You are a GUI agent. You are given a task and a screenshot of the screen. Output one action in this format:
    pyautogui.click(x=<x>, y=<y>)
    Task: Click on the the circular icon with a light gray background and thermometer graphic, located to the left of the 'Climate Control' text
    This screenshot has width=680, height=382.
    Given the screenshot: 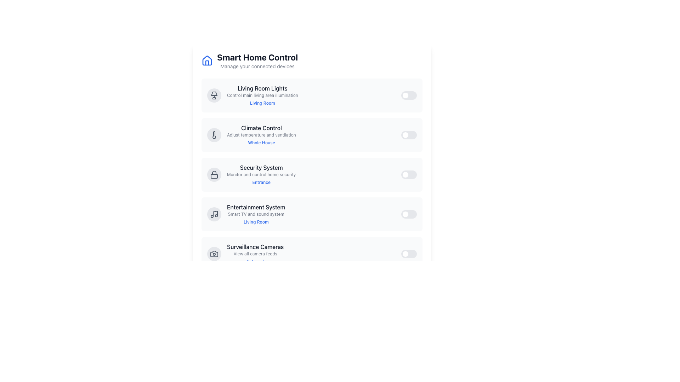 What is the action you would take?
    pyautogui.click(x=214, y=135)
    